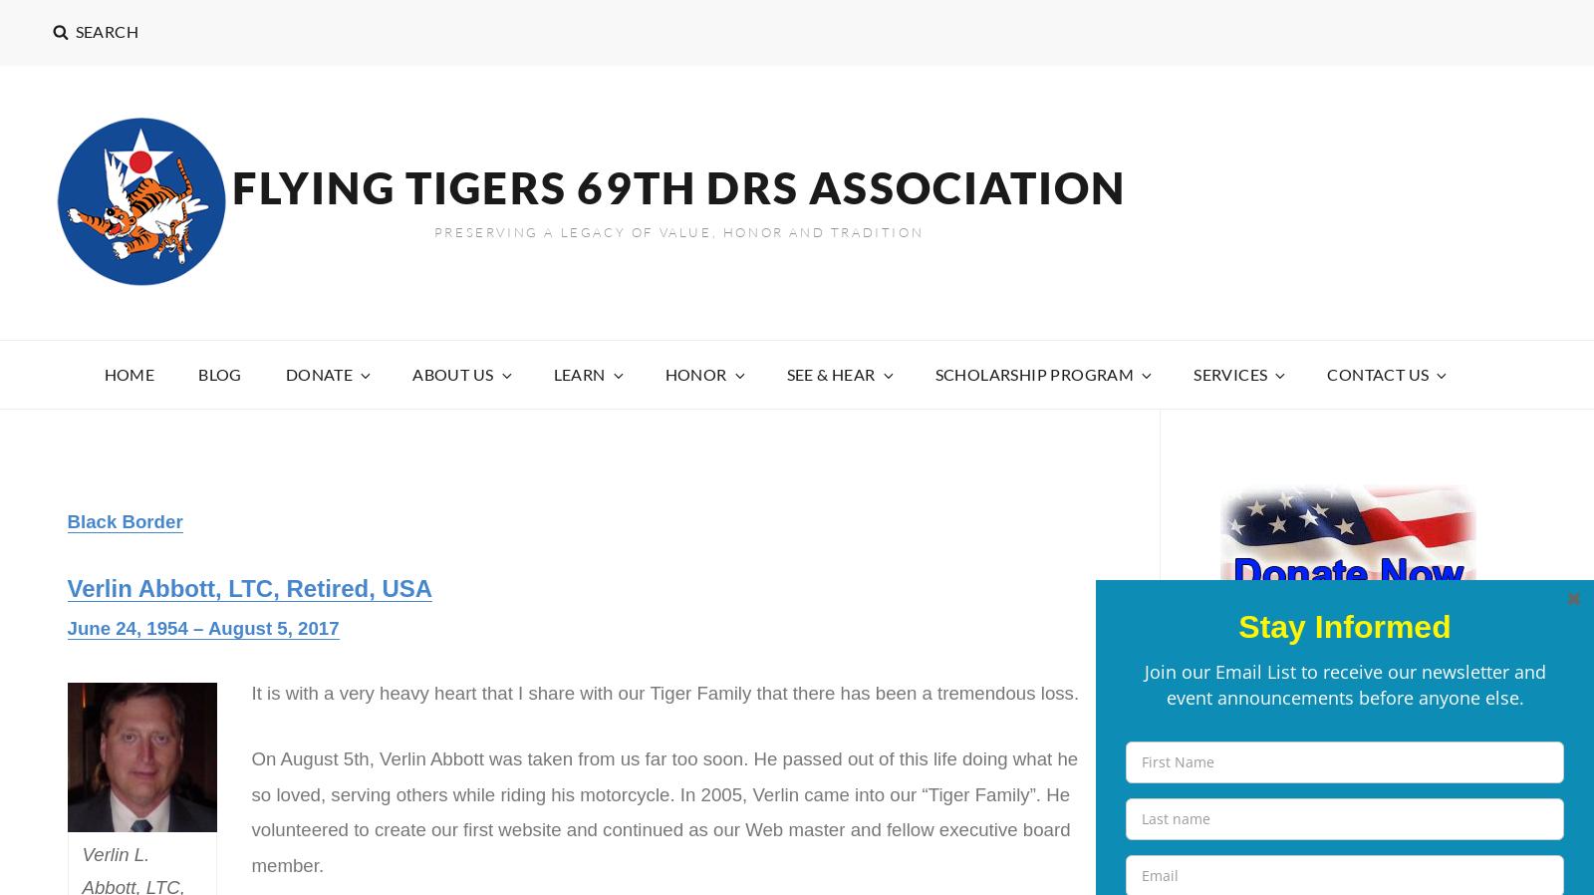  Describe the element at coordinates (829, 373) in the screenshot. I see `'SEE & HEAR'` at that location.